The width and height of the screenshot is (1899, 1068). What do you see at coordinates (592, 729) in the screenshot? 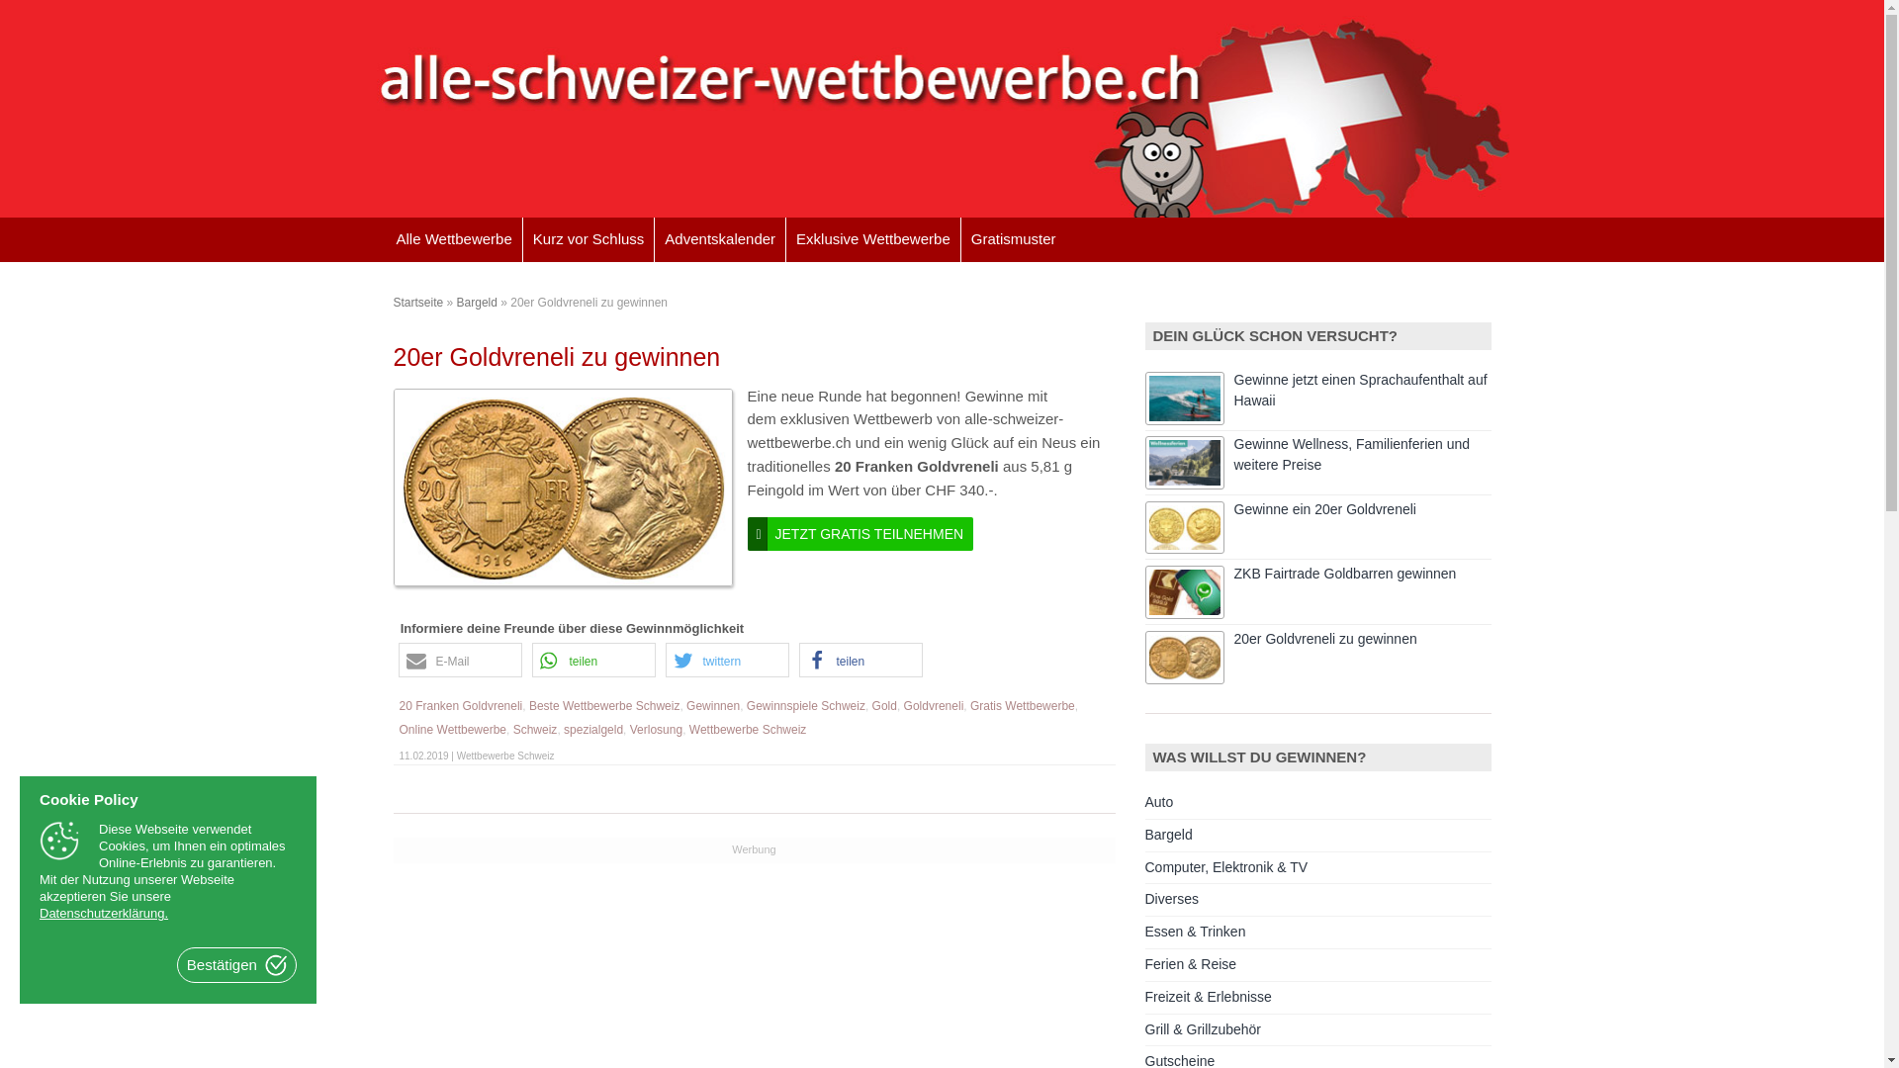
I see `'spezialgeld'` at bounding box center [592, 729].